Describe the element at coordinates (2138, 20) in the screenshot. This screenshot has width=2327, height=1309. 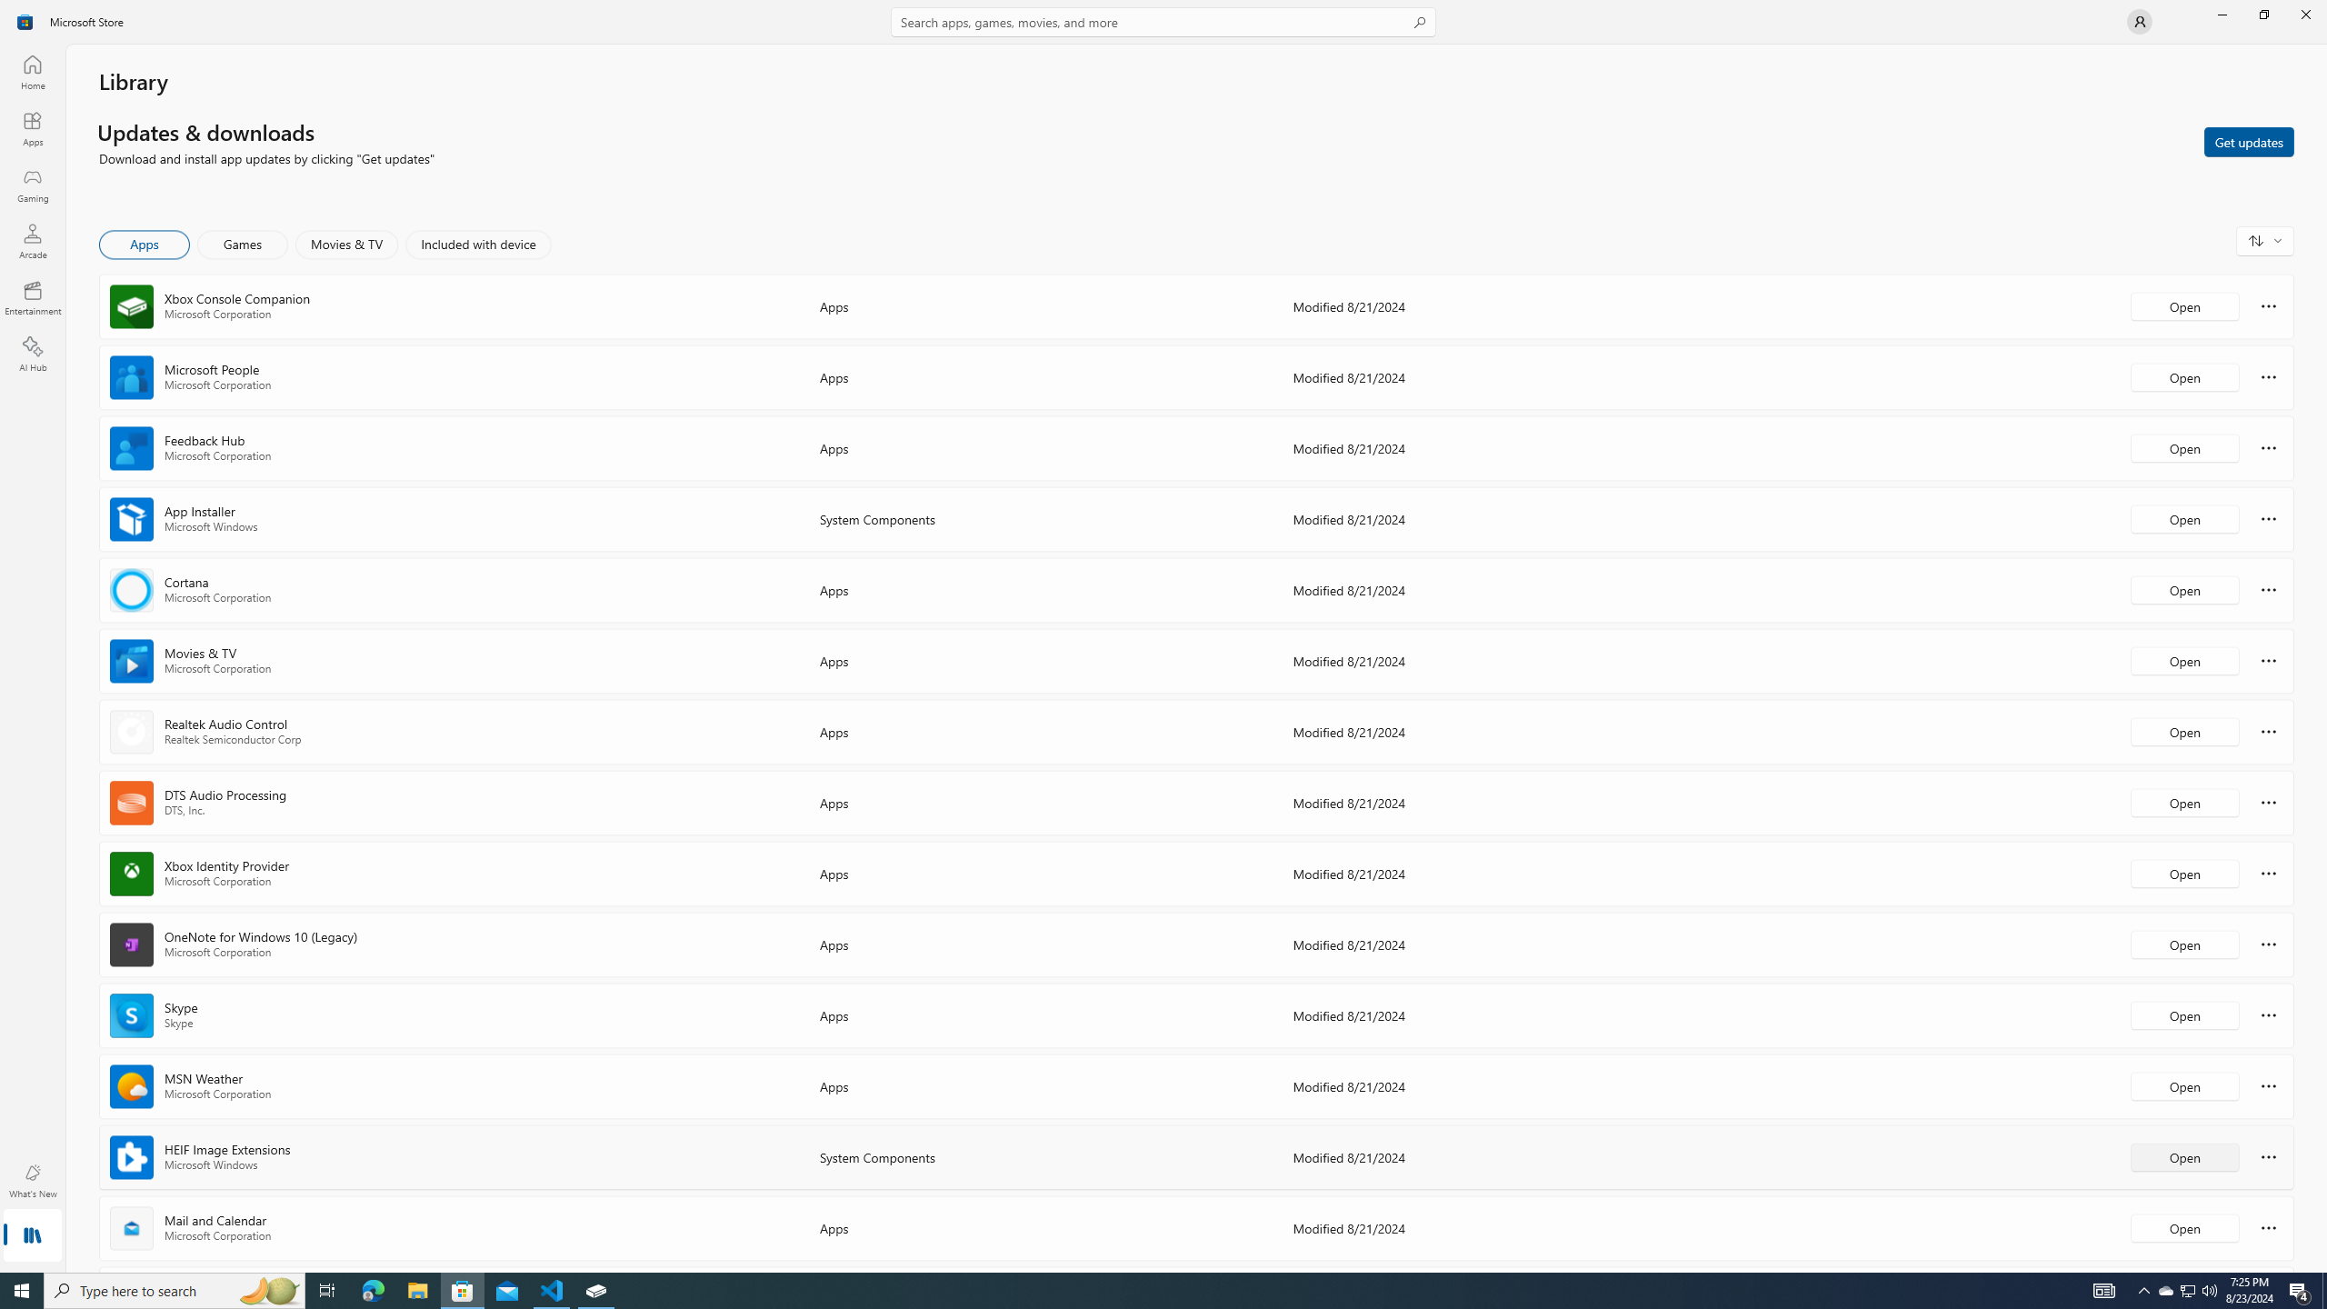
I see `'User profile'` at that location.